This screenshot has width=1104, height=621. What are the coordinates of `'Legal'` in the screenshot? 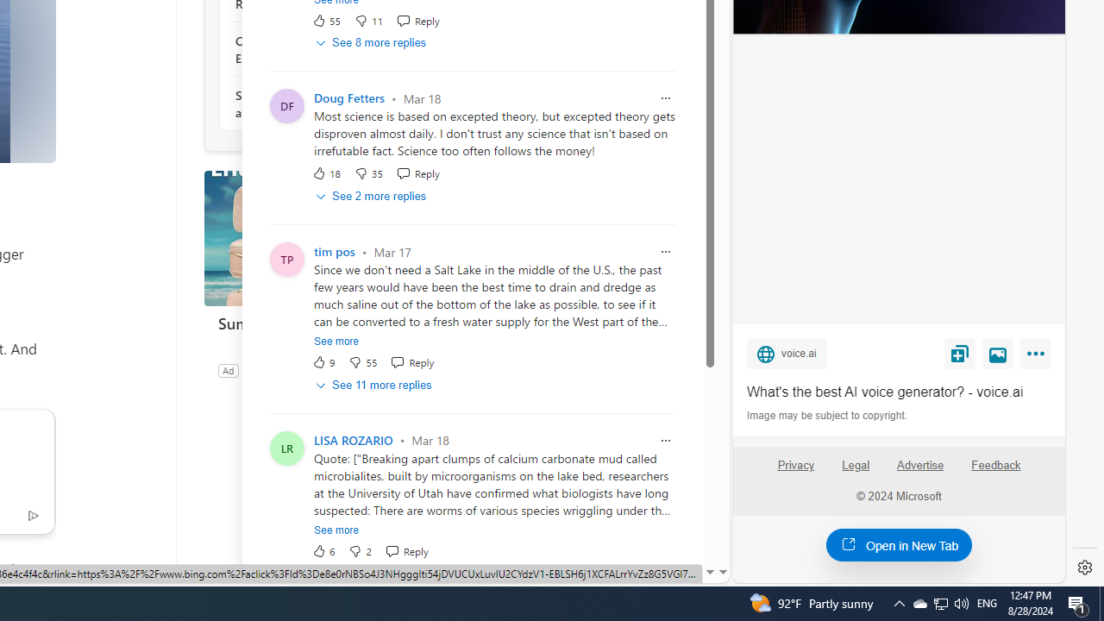 It's located at (856, 464).